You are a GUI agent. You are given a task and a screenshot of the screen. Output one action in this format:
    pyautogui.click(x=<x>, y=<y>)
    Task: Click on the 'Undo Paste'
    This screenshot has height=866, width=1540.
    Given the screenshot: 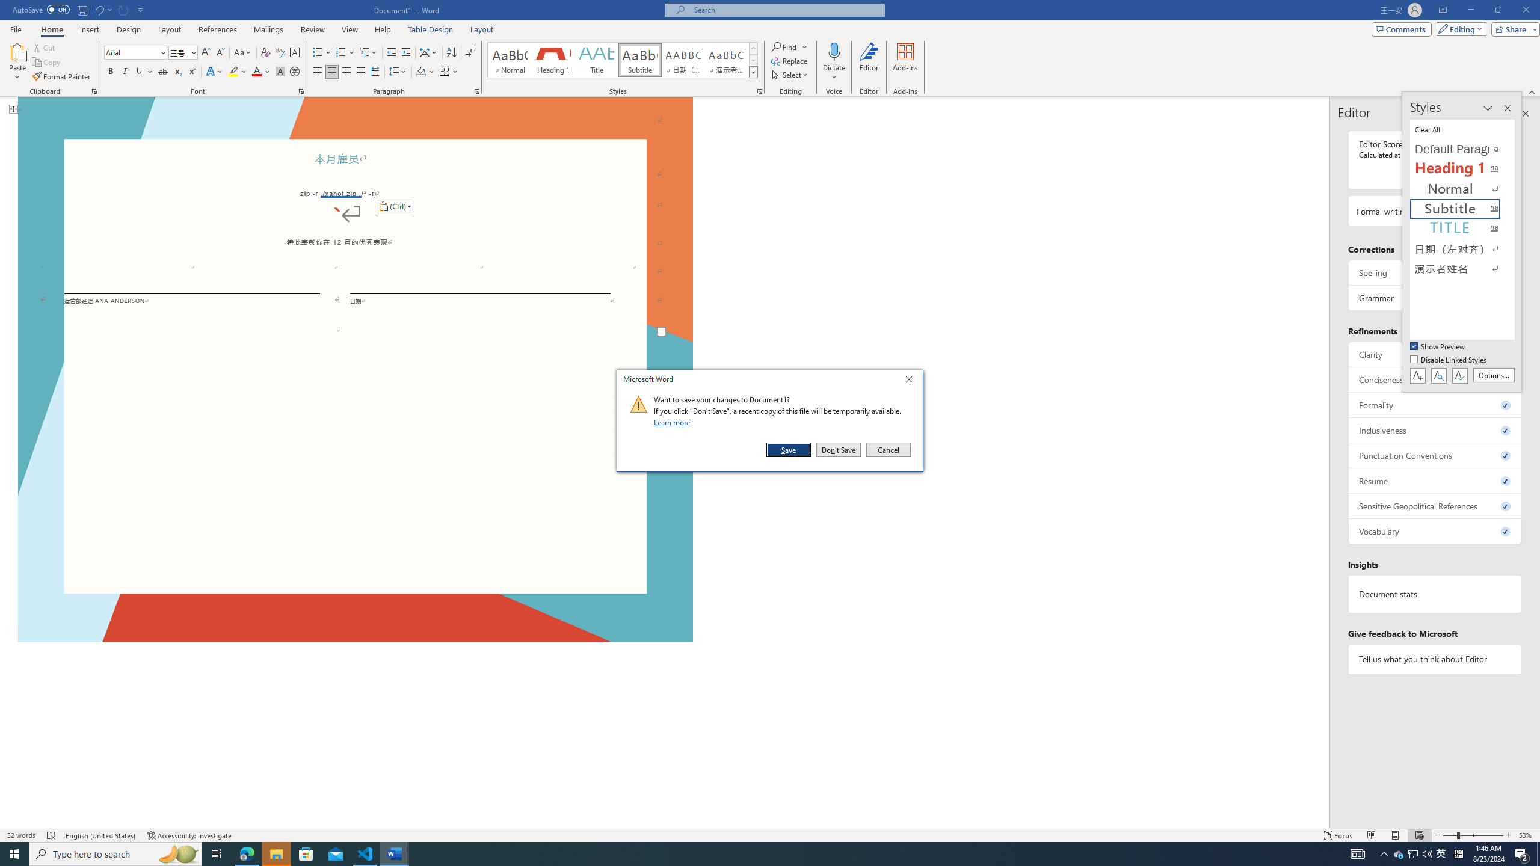 What is the action you would take?
    pyautogui.click(x=98, y=9)
    